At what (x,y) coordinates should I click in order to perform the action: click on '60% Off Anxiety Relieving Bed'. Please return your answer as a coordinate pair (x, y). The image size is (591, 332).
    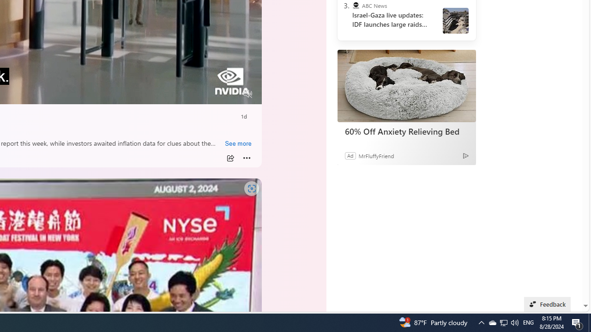
    Looking at the image, I should click on (406, 86).